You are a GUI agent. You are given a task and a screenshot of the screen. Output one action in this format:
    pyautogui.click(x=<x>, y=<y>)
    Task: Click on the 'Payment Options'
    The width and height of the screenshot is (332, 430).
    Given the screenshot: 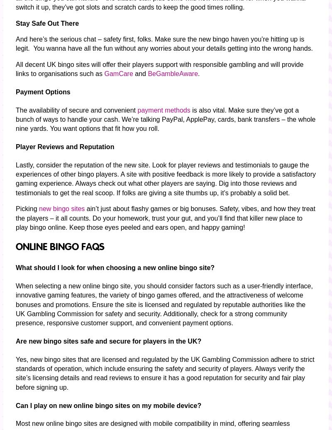 What is the action you would take?
    pyautogui.click(x=42, y=91)
    